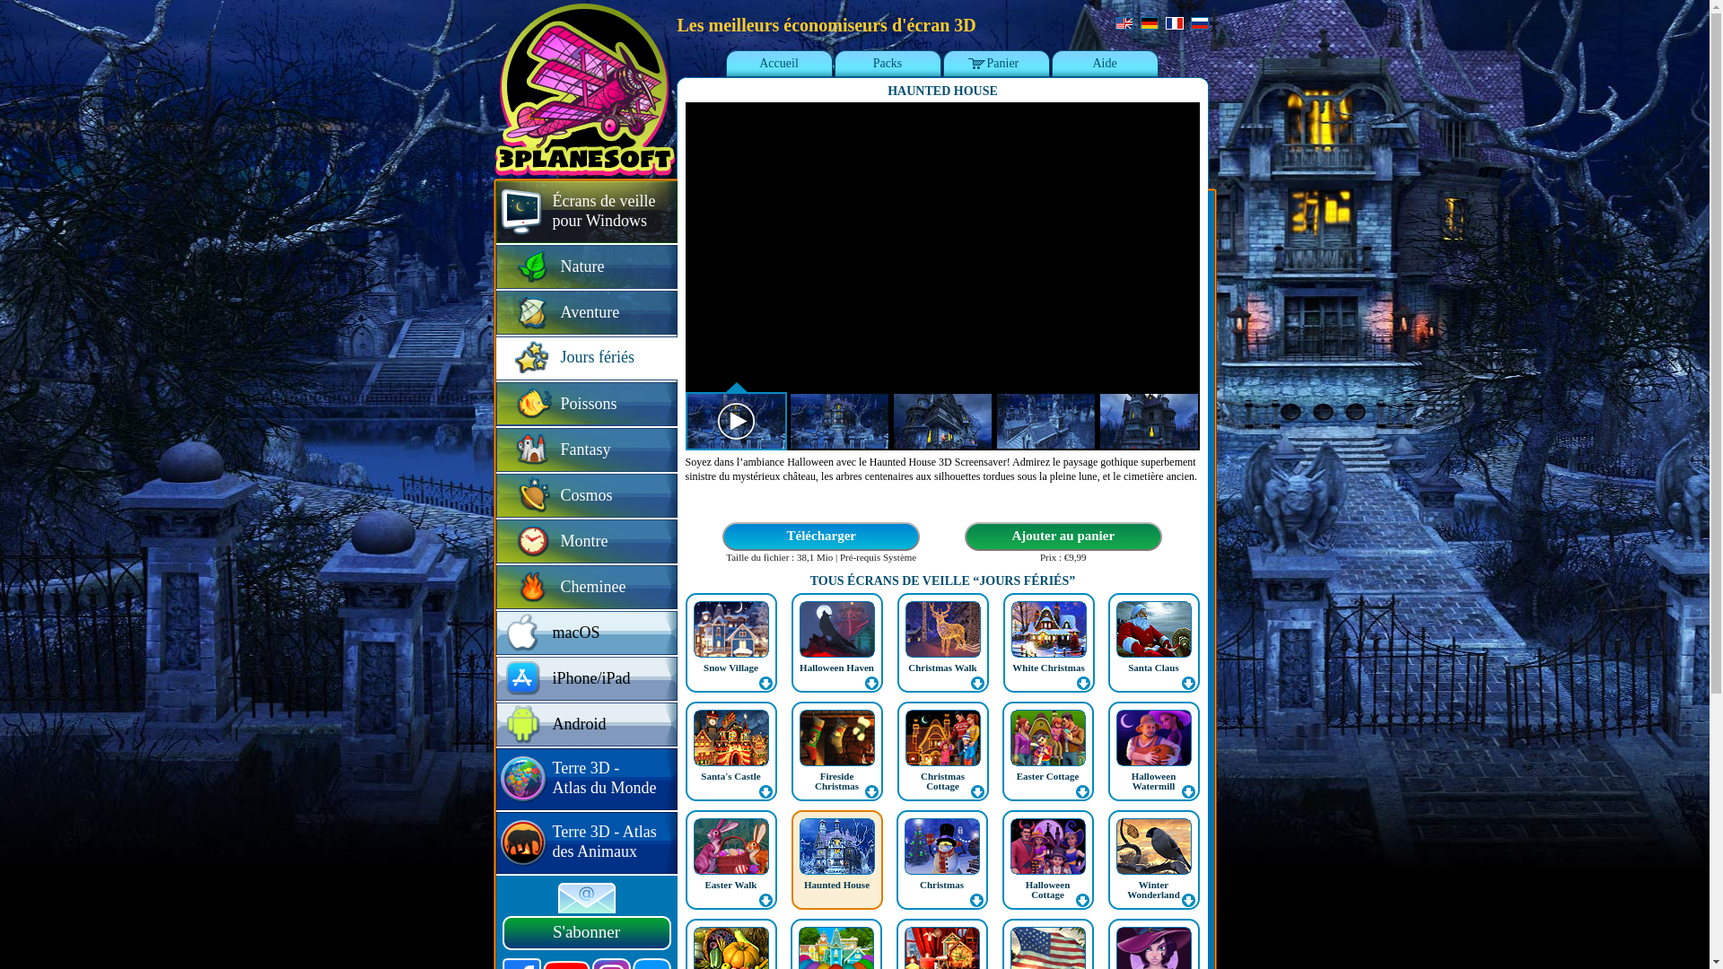 This screenshot has width=1723, height=969. What do you see at coordinates (1012, 668) in the screenshot?
I see `'White Christmas'` at bounding box center [1012, 668].